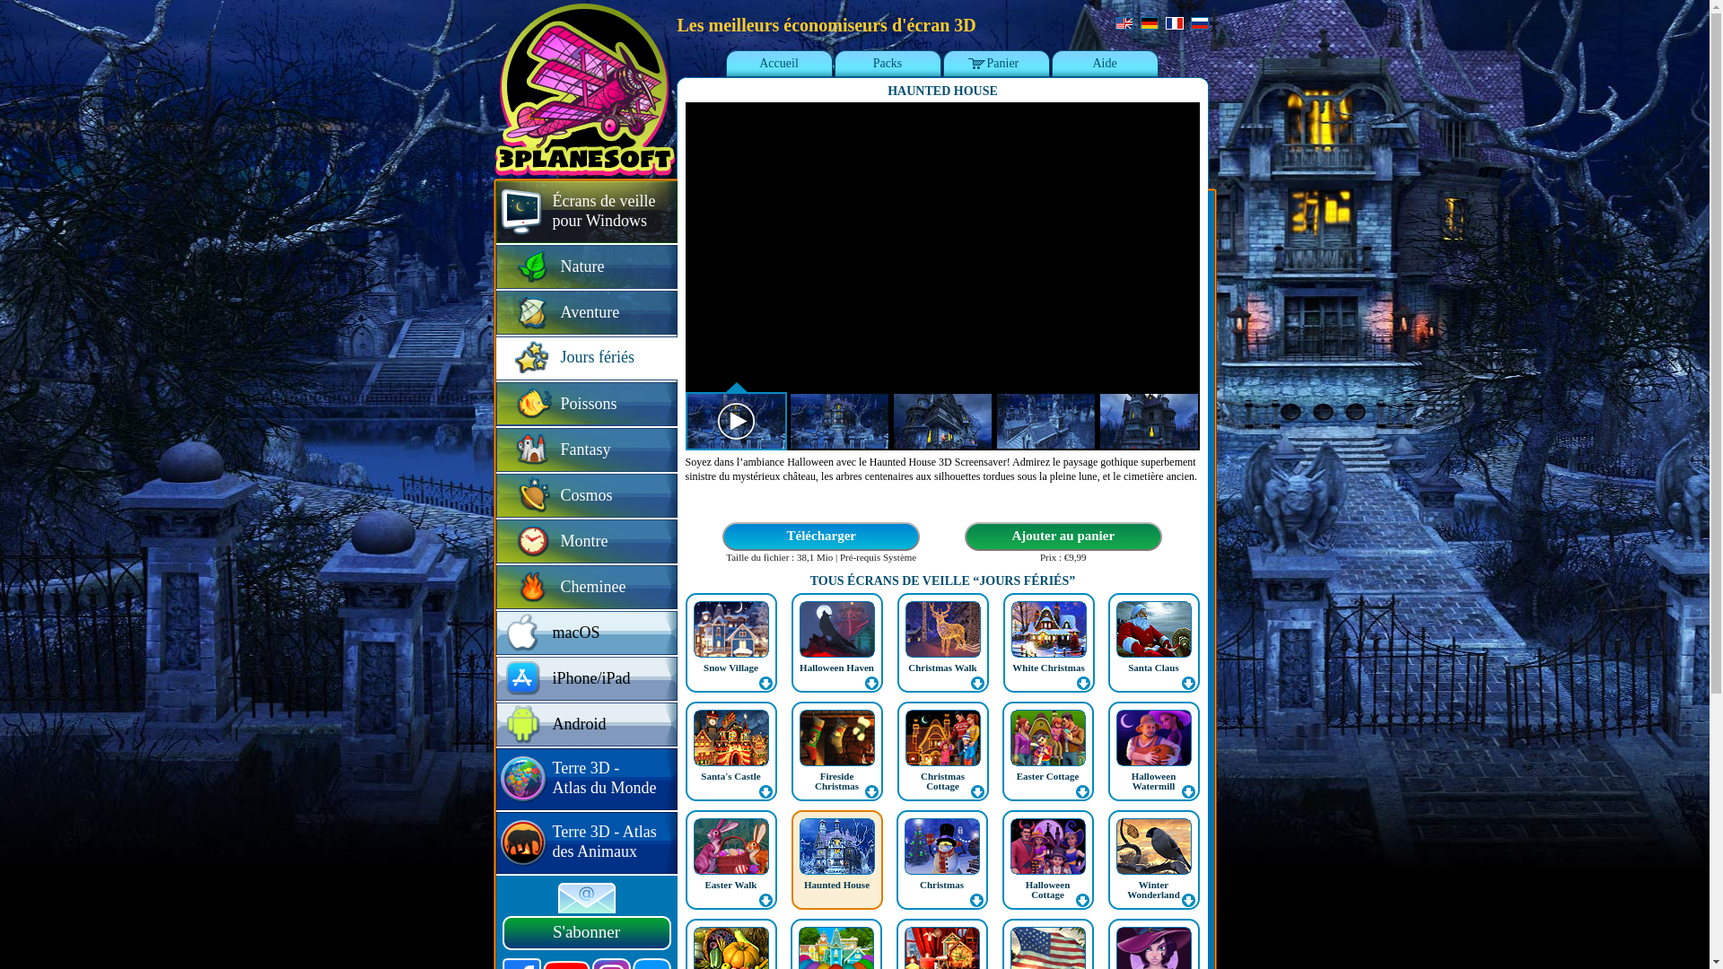 This screenshot has width=1723, height=969. What do you see at coordinates (1012, 668) in the screenshot?
I see `'White Christmas'` at bounding box center [1012, 668].